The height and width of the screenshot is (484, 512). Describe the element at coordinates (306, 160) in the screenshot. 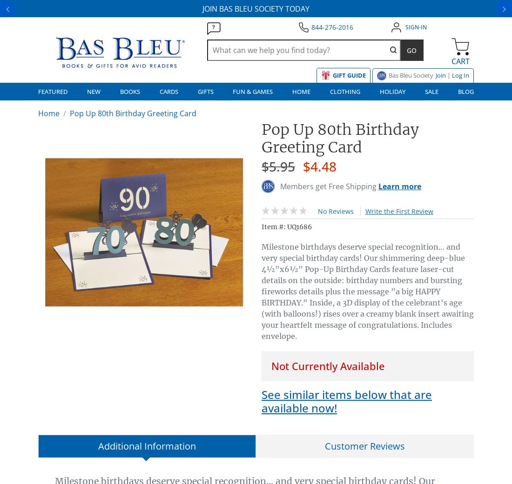

I see `'Quick Order / Tax Estimate'` at that location.